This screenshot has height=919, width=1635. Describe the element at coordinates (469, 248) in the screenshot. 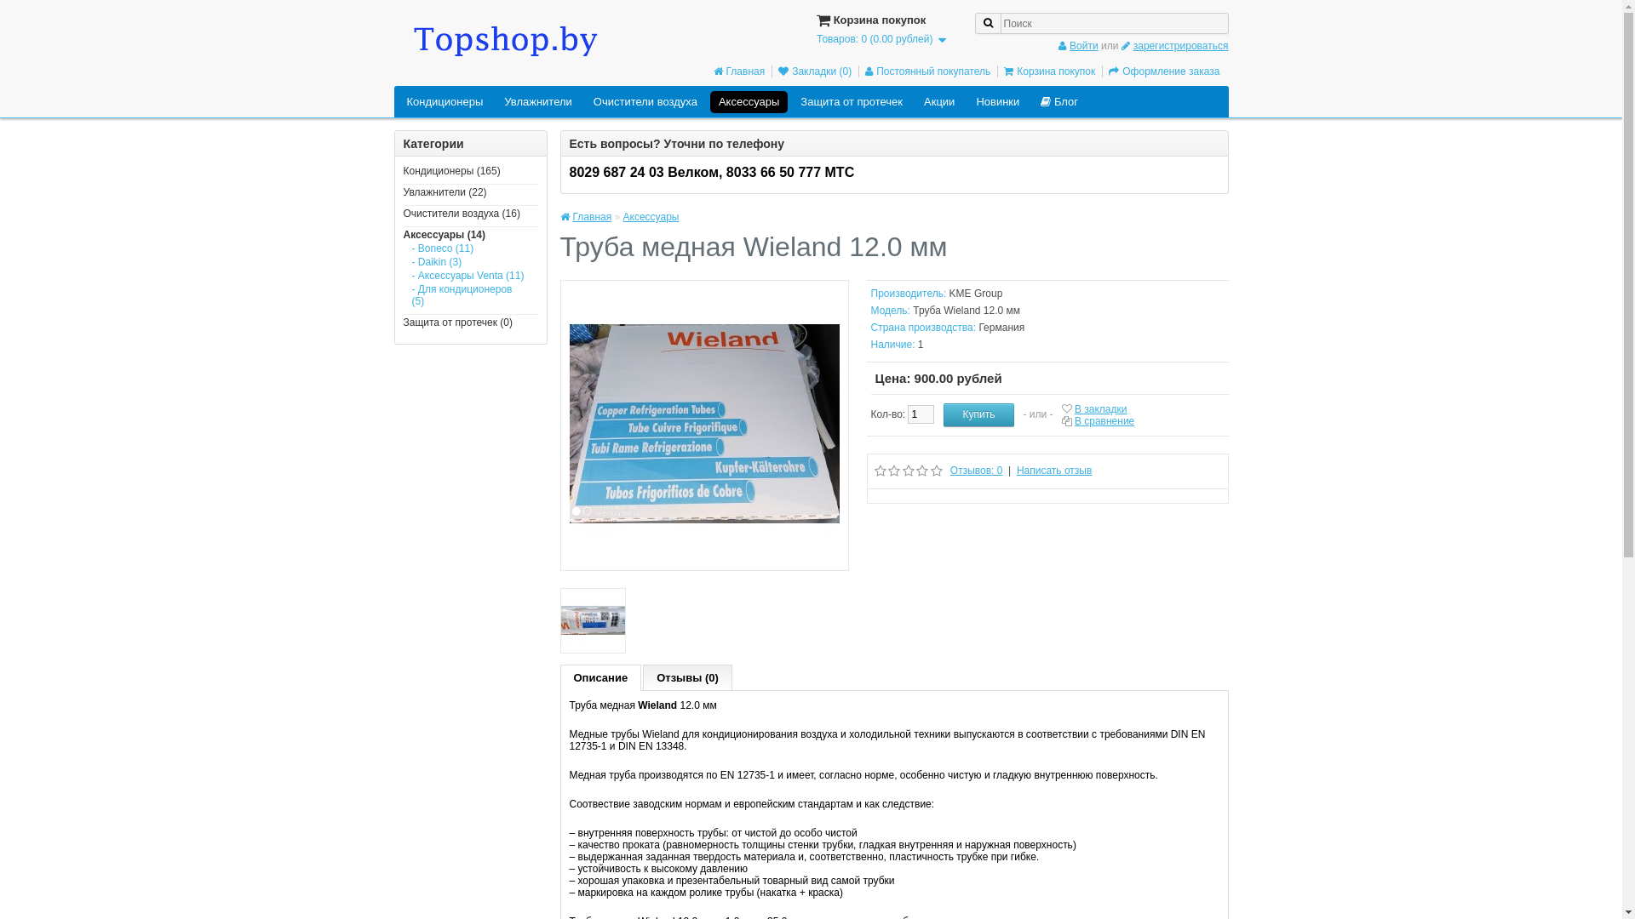

I see `'- Boneco (11)'` at that location.